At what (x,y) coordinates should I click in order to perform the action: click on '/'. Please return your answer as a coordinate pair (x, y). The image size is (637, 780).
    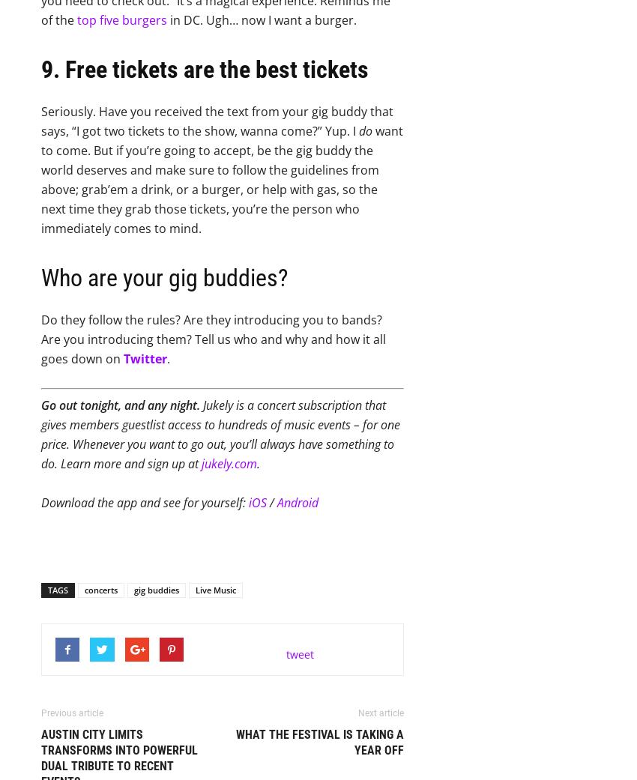
    Looking at the image, I should click on (271, 502).